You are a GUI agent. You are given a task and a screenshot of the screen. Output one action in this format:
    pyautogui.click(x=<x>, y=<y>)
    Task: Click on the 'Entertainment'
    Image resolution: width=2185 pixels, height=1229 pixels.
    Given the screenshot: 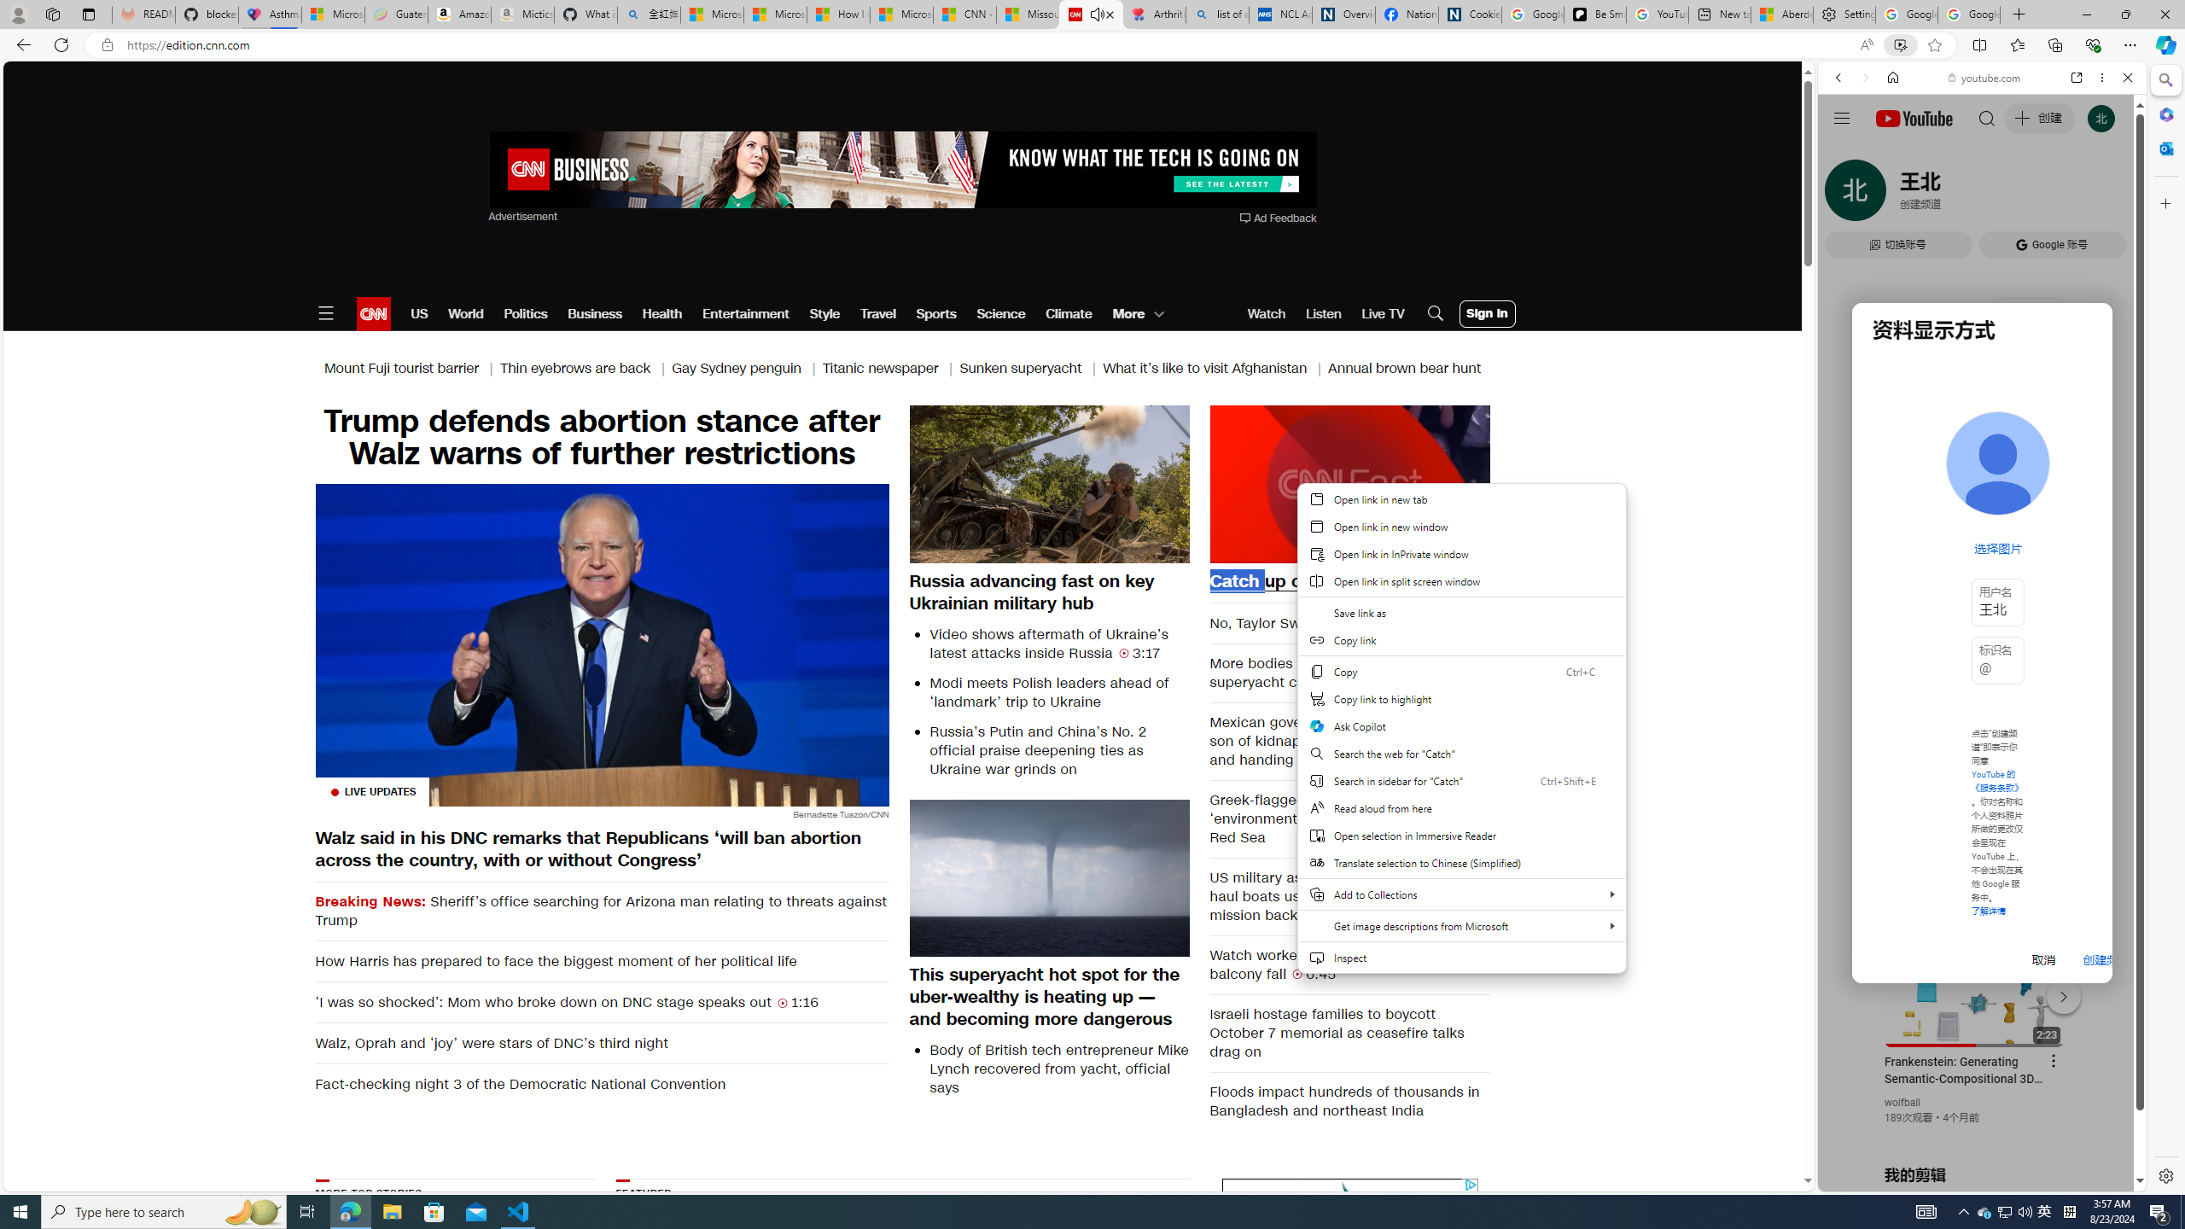 What is the action you would take?
    pyautogui.click(x=744, y=313)
    